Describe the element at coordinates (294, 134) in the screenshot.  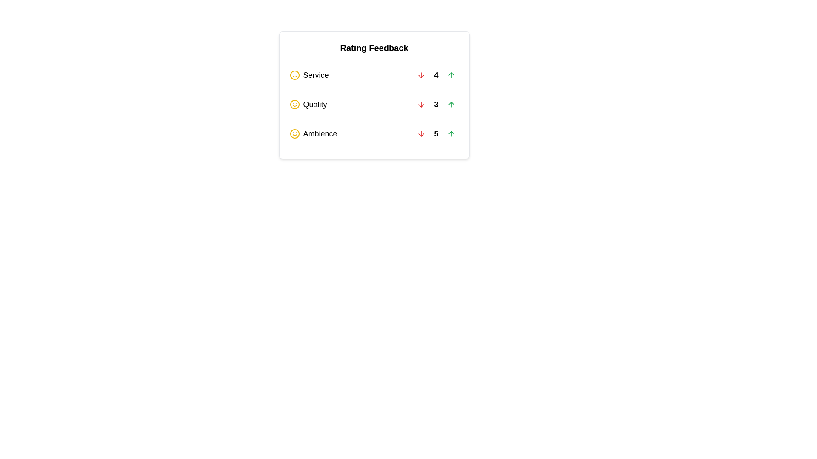
I see `the 'Ambience' rating icon, which is positioned to the left of the text 'Ambience' in the third row of the 'Rating Feedback' list` at that location.